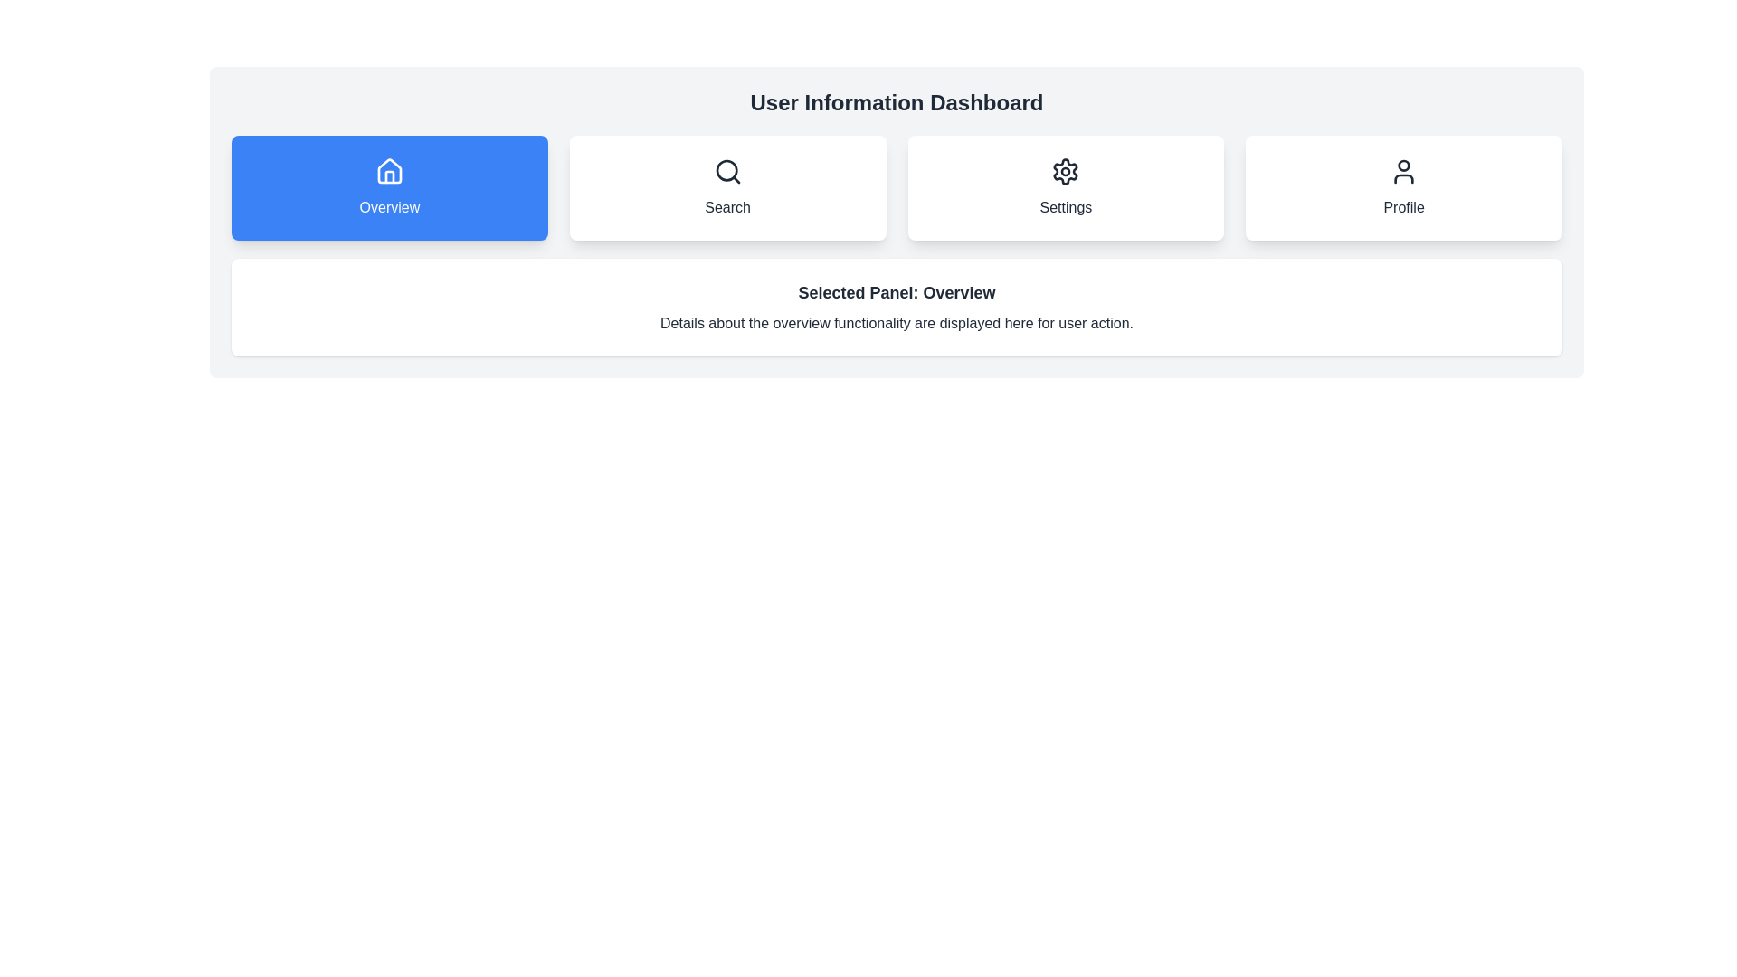 The width and height of the screenshot is (1737, 977). Describe the element at coordinates (1066, 207) in the screenshot. I see `the text label located at the bottom of the 'Settings' button` at that location.